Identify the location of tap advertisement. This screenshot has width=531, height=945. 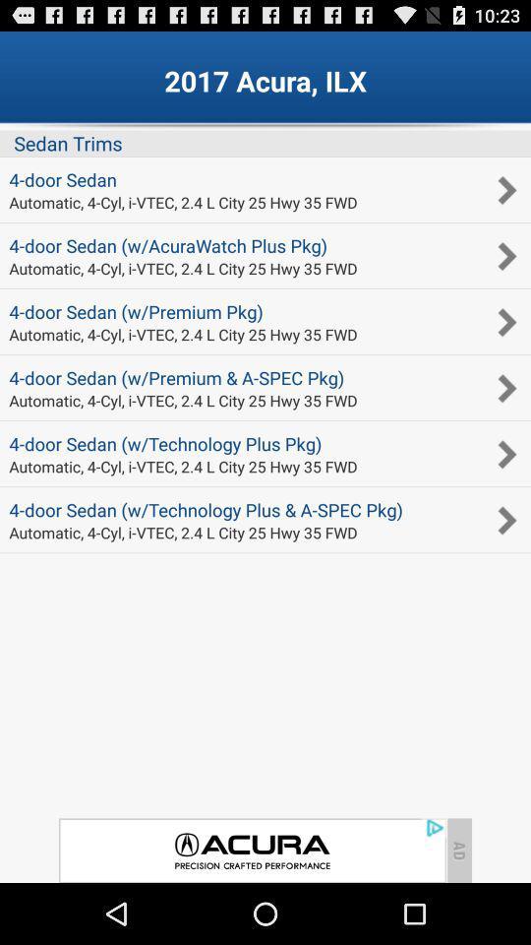
(252, 850).